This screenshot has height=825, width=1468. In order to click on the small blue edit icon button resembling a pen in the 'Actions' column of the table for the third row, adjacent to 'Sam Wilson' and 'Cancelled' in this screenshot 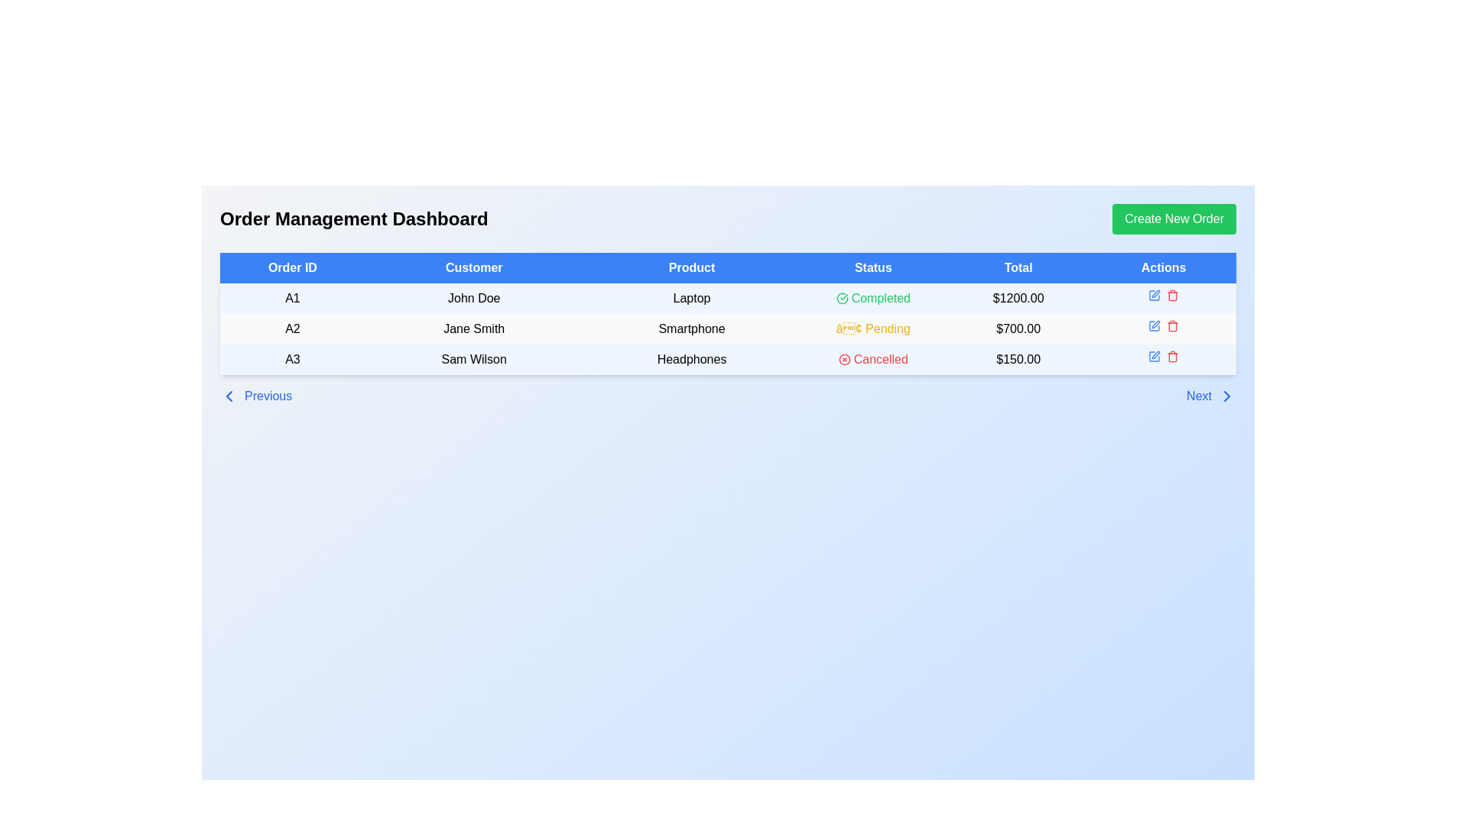, I will do `click(1155, 356)`.